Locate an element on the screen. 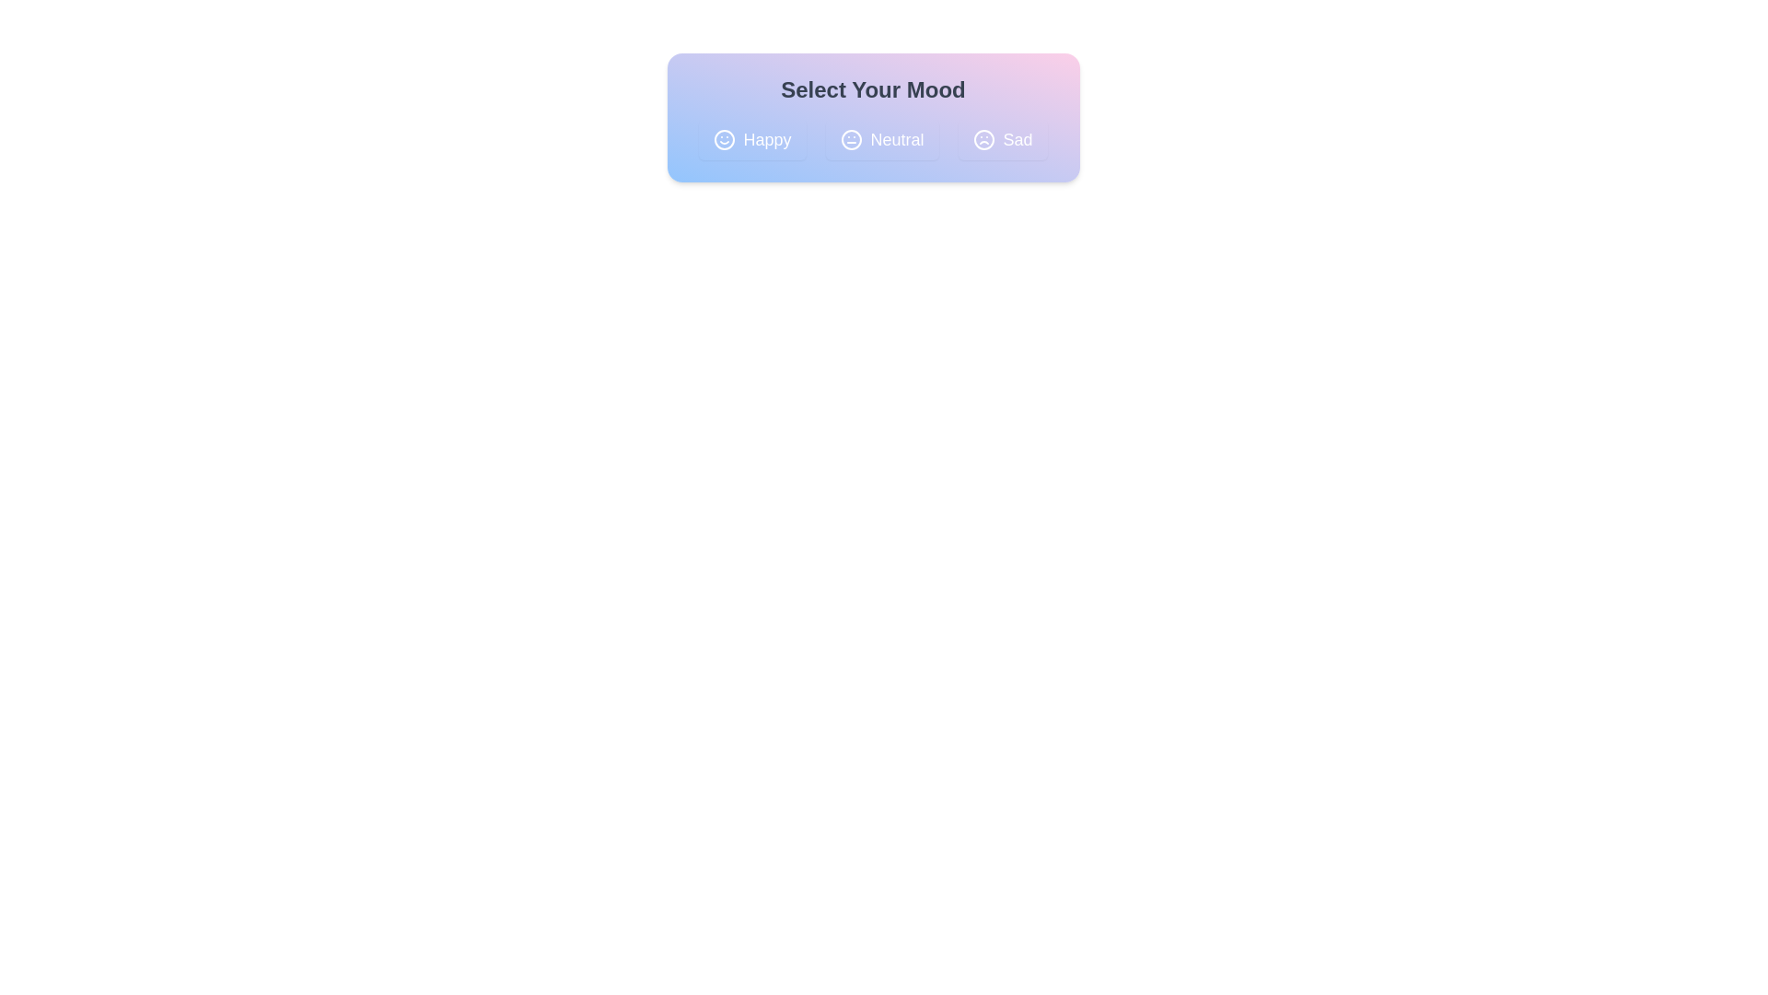  the Neutral chip to observe visual feedback is located at coordinates (881, 138).